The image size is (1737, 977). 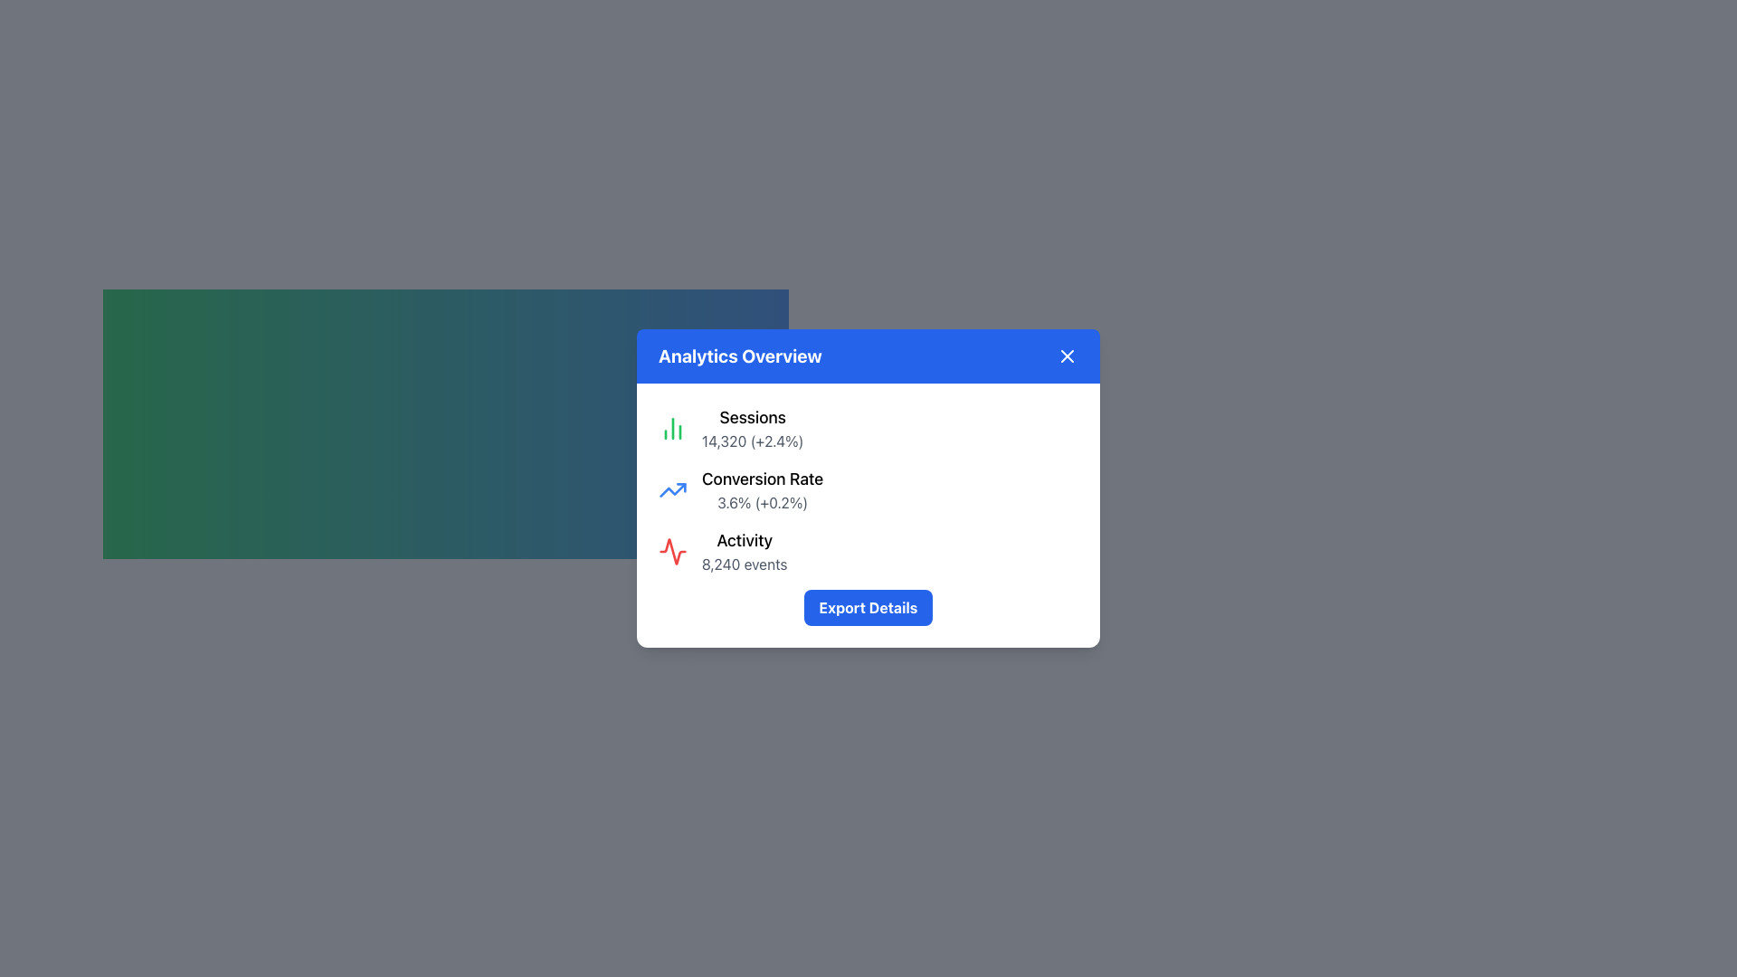 What do you see at coordinates (672, 550) in the screenshot?
I see `the red line icon resembling an activity graph located in the 'Activity' section of the 'Analytics Overview' panel to interact with it` at bounding box center [672, 550].